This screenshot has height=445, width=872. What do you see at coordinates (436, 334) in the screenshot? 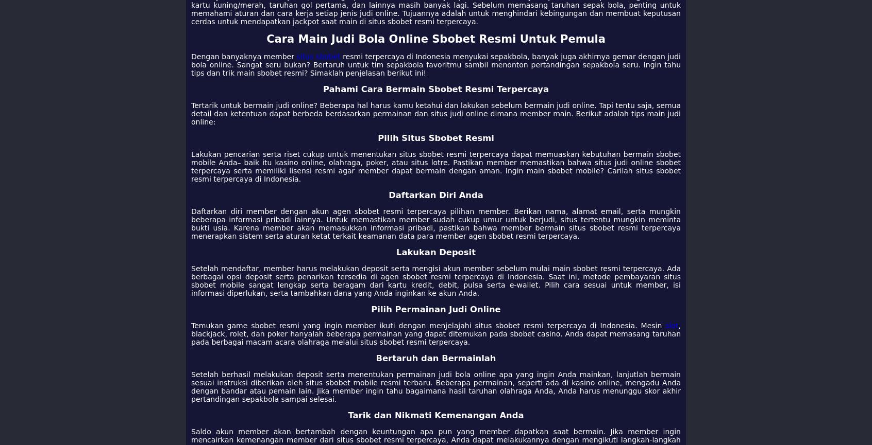
I see `', blackjack, rolet, dan poker hanyalah beberapa permainan yang dapat ditemukan pada sbobet casino. Anda dapat memasang taruhan pada berbagai macam acara olahraga melalui situs sbobet resmi terpercaya.'` at bounding box center [436, 334].